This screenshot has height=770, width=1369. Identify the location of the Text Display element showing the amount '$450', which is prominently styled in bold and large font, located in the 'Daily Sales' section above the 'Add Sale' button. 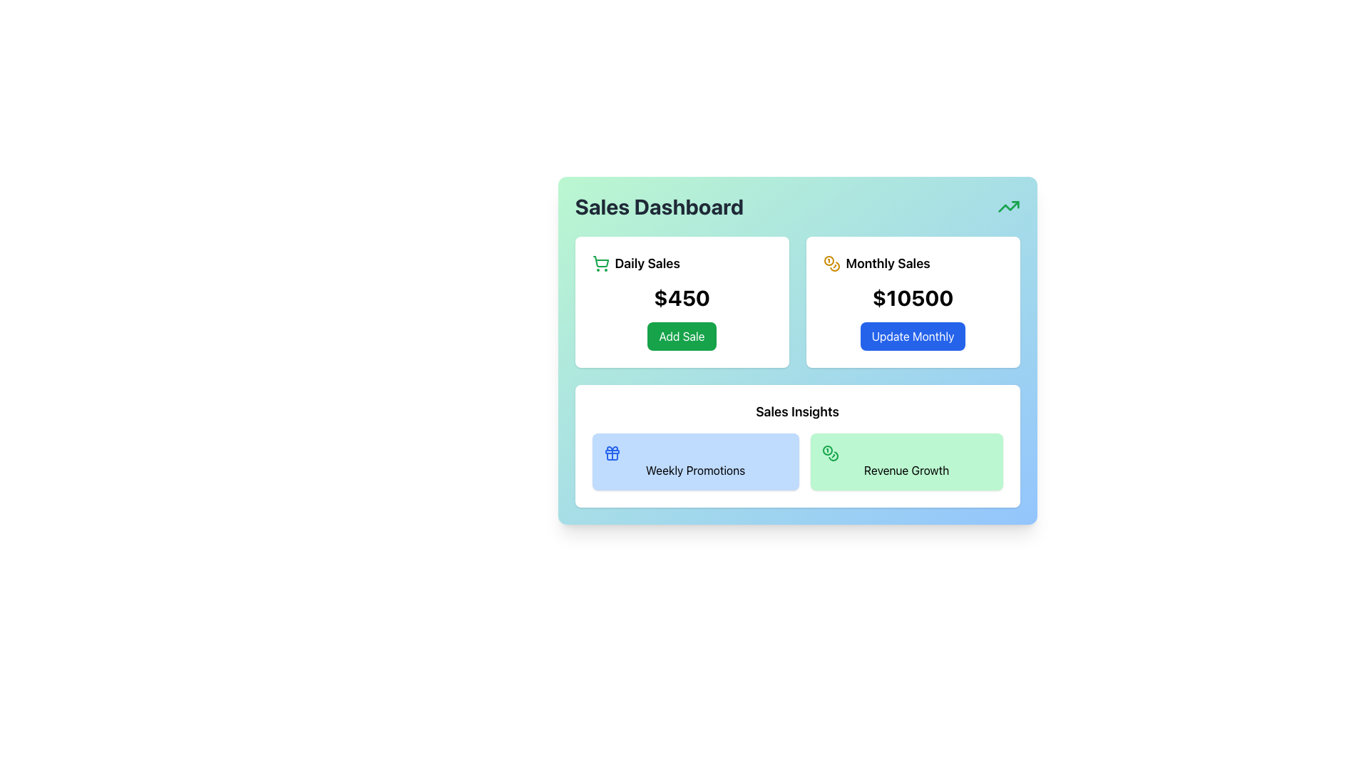
(681, 297).